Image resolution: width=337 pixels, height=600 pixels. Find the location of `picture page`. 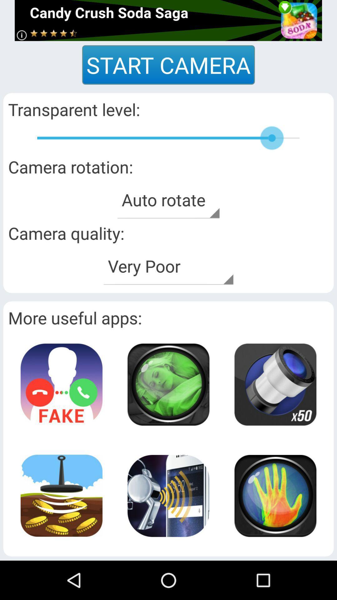

picture page is located at coordinates (61, 495).